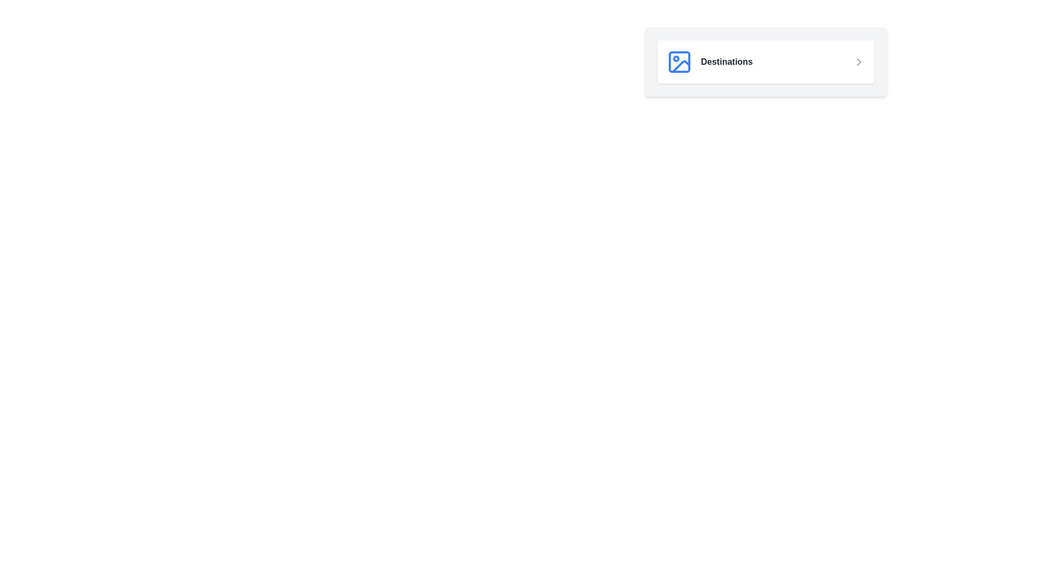  What do you see at coordinates (858, 62) in the screenshot?
I see `the navigation icon located at the top-right corner of the 'Destinations' card to proceed to a detailed view or related content` at bounding box center [858, 62].